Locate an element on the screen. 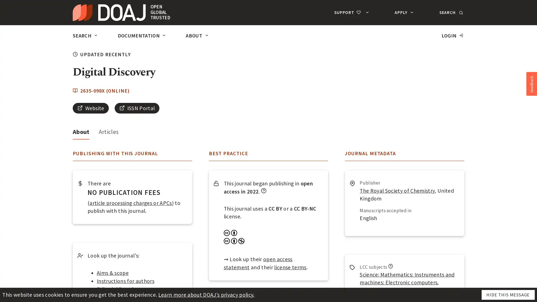  SEARCH is located at coordinates (450, 12).